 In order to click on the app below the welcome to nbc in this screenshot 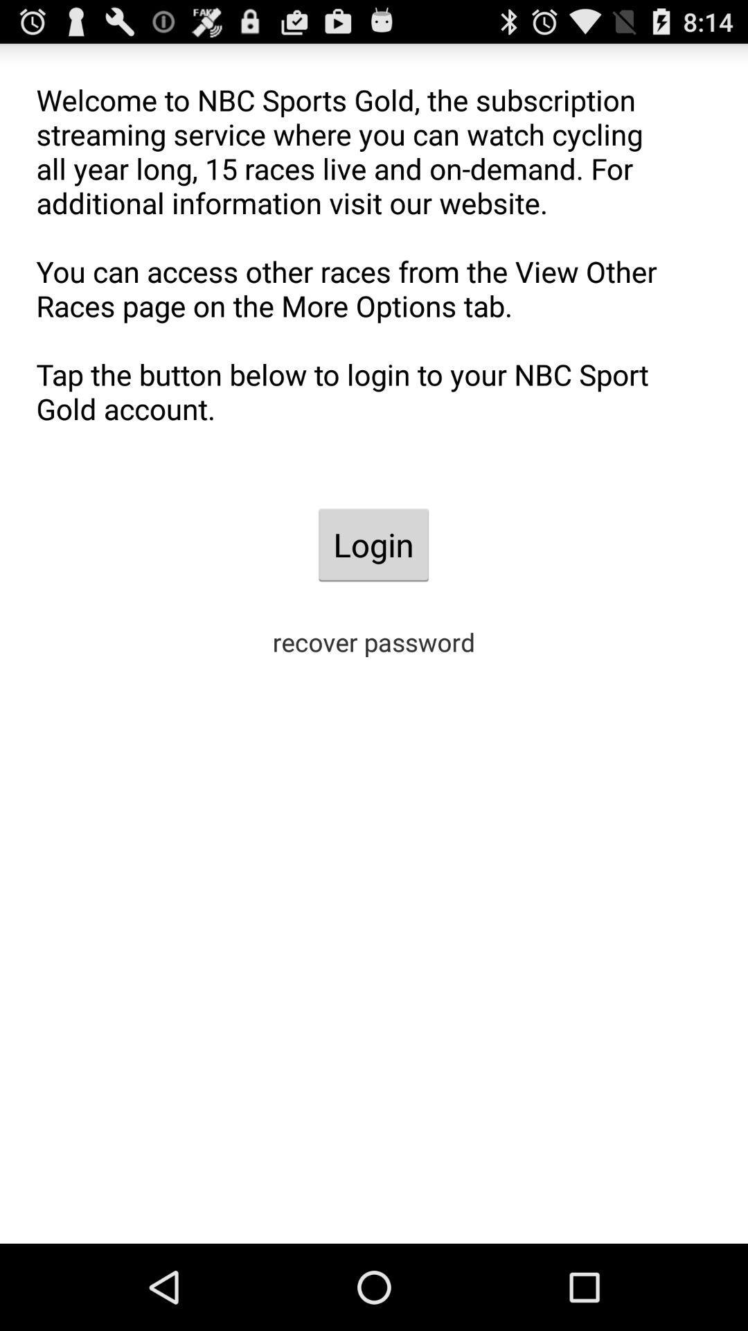, I will do `click(373, 544)`.